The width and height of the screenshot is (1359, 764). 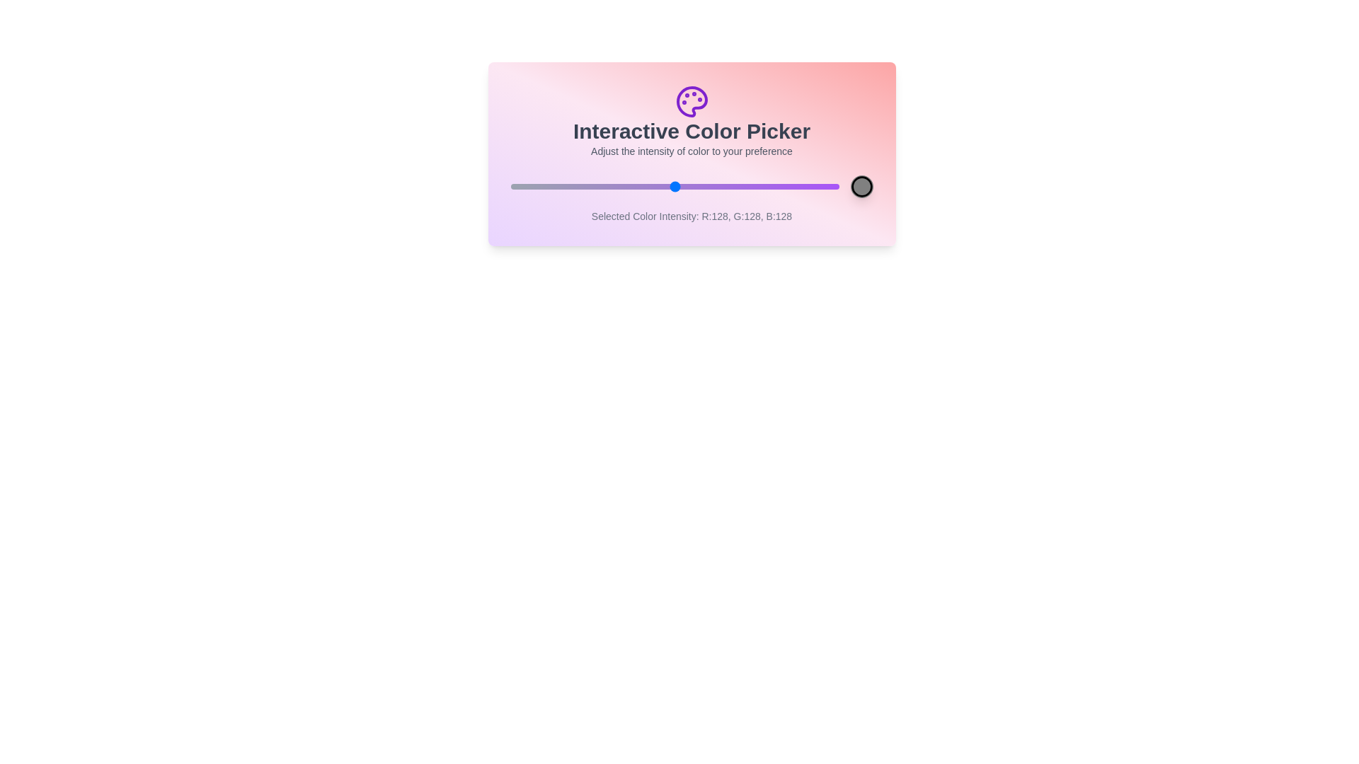 I want to click on the slider to set the color intensity to 124, so click(x=669, y=185).